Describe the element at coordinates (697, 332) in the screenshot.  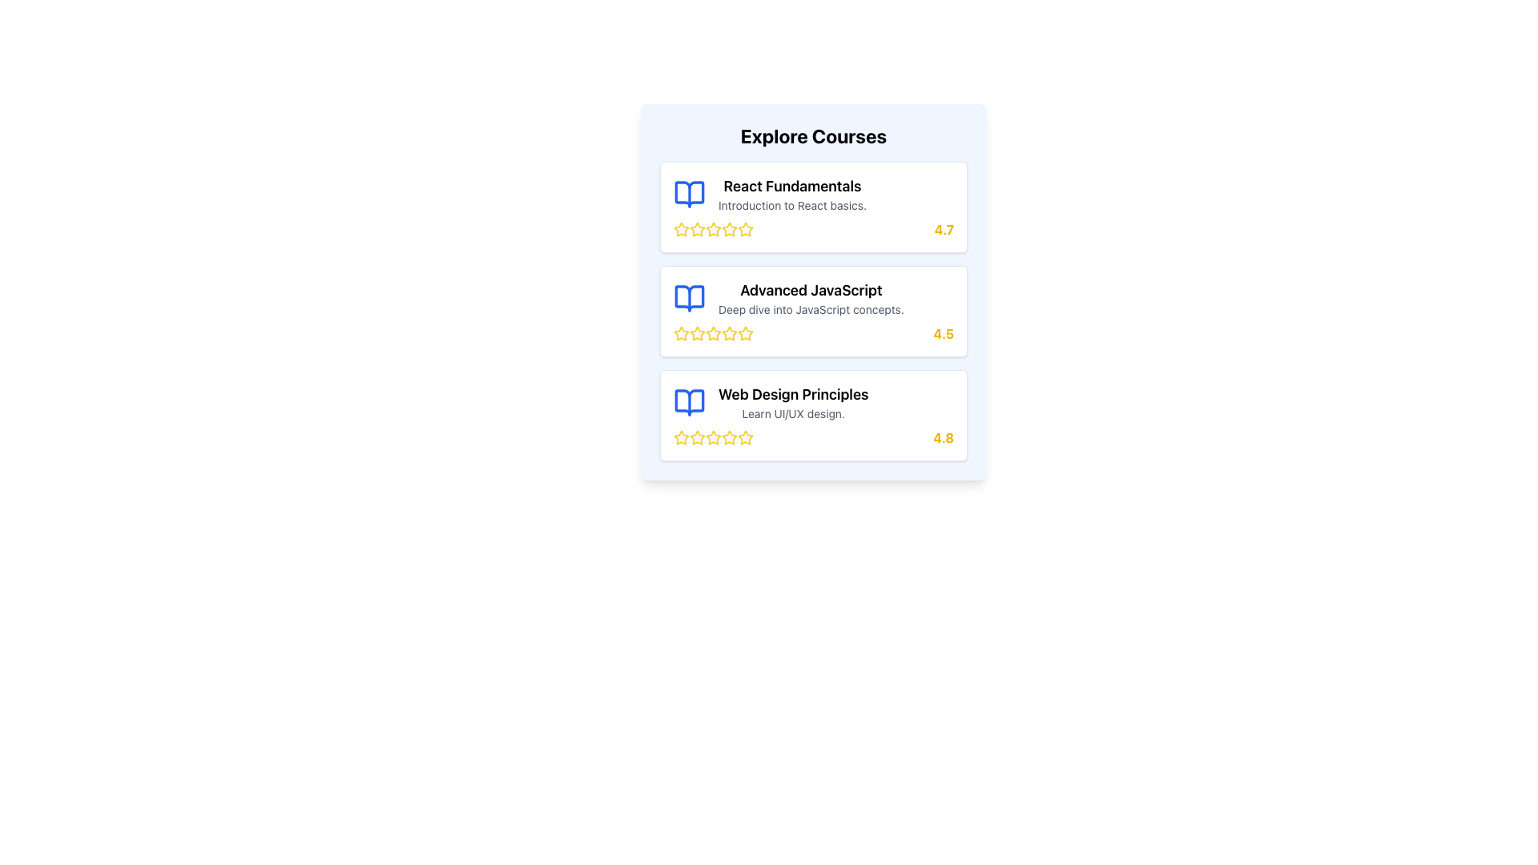
I see `the third yellow star-shaped rating icon in the 'Advanced JavaScript' course section, which is part of a row of five stars in the second course card` at that location.